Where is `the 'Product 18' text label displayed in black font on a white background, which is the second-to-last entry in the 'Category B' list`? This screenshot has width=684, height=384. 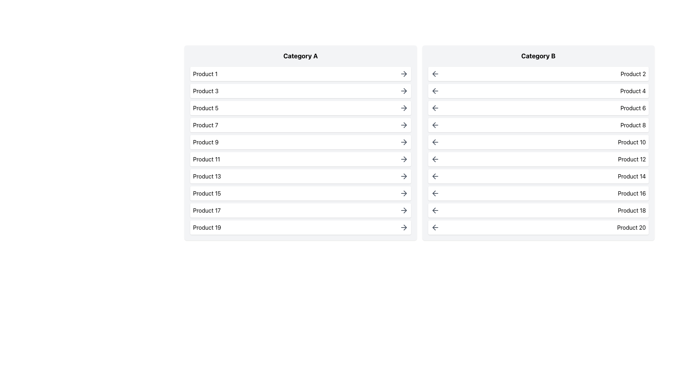 the 'Product 18' text label displayed in black font on a white background, which is the second-to-last entry in the 'Category B' list is located at coordinates (632, 210).